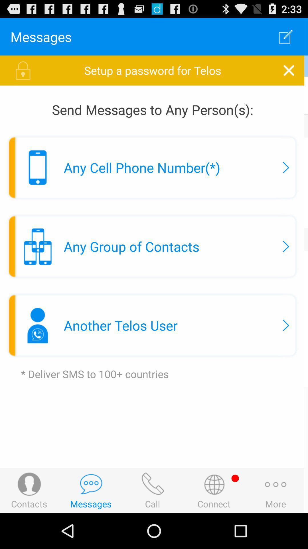 The width and height of the screenshot is (308, 549). I want to click on the item above setup a password item, so click(287, 36).